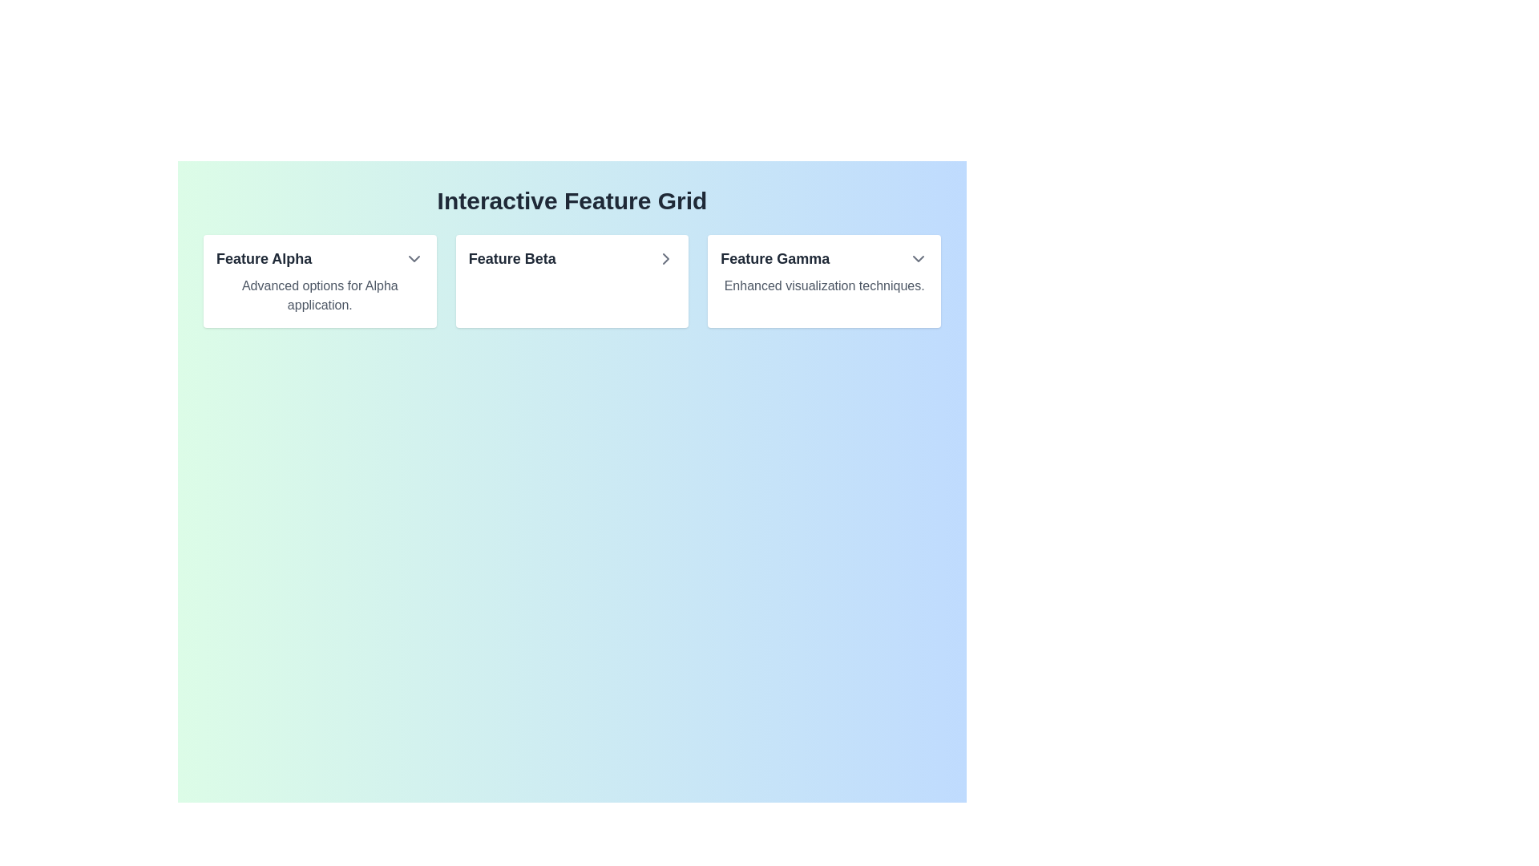 The width and height of the screenshot is (1539, 866). What do you see at coordinates (666, 258) in the screenshot?
I see `the chevron icon located to the right of the 'Feature Beta' text inside the Feature Beta card in the central column of the grid for additional information or interaction` at bounding box center [666, 258].